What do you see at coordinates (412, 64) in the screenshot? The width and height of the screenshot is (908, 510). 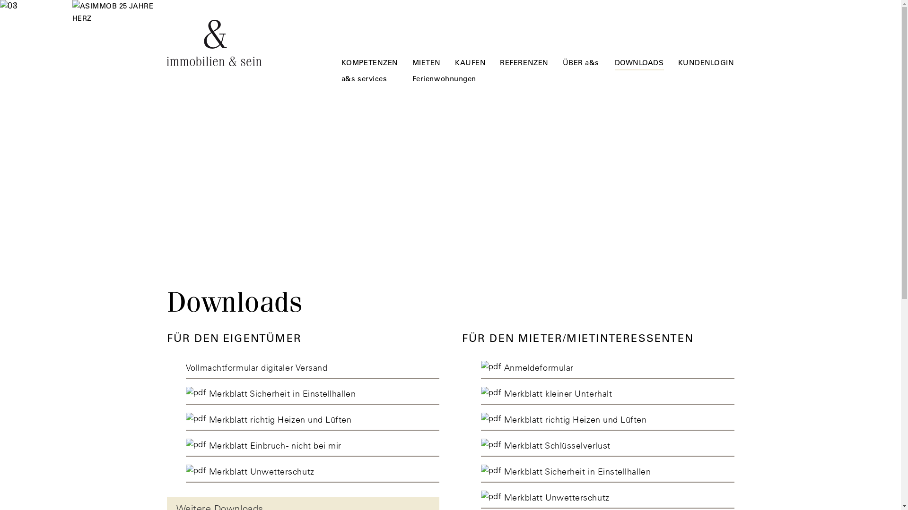 I see `'MIETEN'` at bounding box center [412, 64].